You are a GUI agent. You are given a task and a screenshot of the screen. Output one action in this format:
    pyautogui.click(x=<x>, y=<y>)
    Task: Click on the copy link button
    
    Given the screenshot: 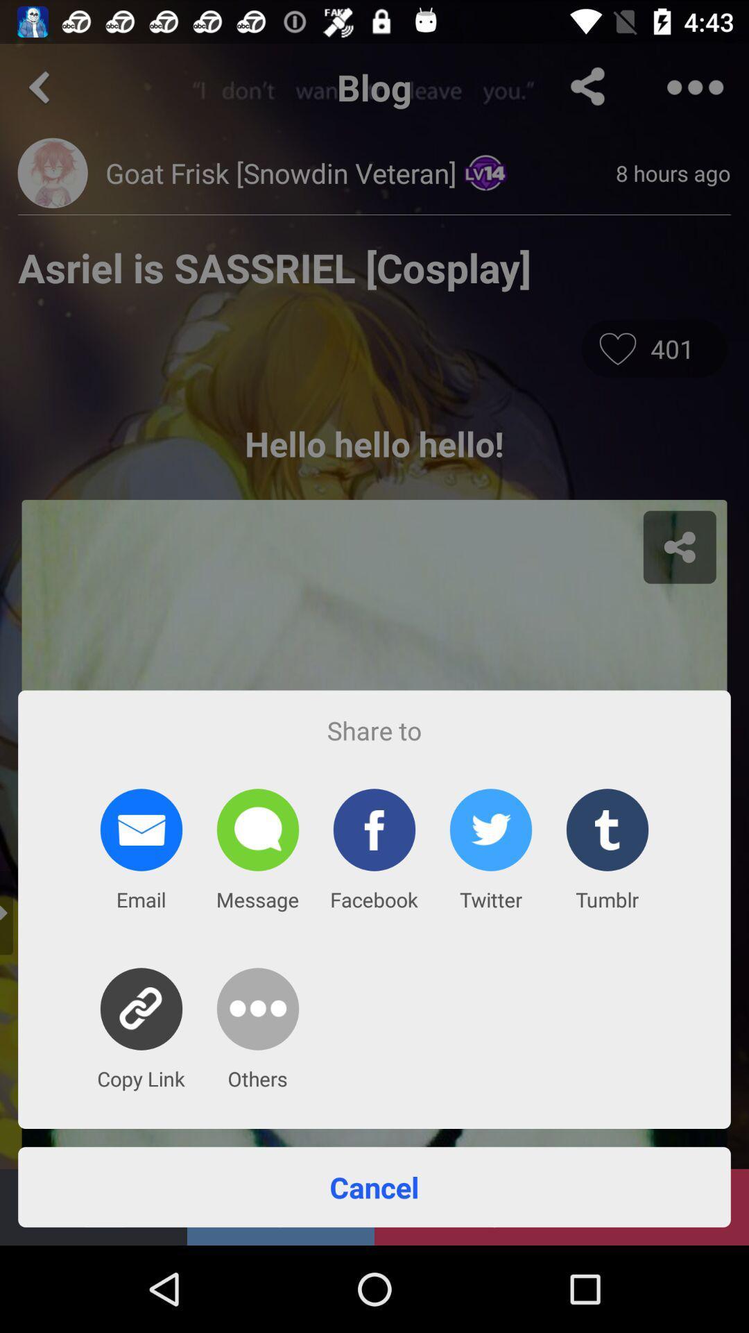 What is the action you would take?
    pyautogui.click(x=141, y=1009)
    